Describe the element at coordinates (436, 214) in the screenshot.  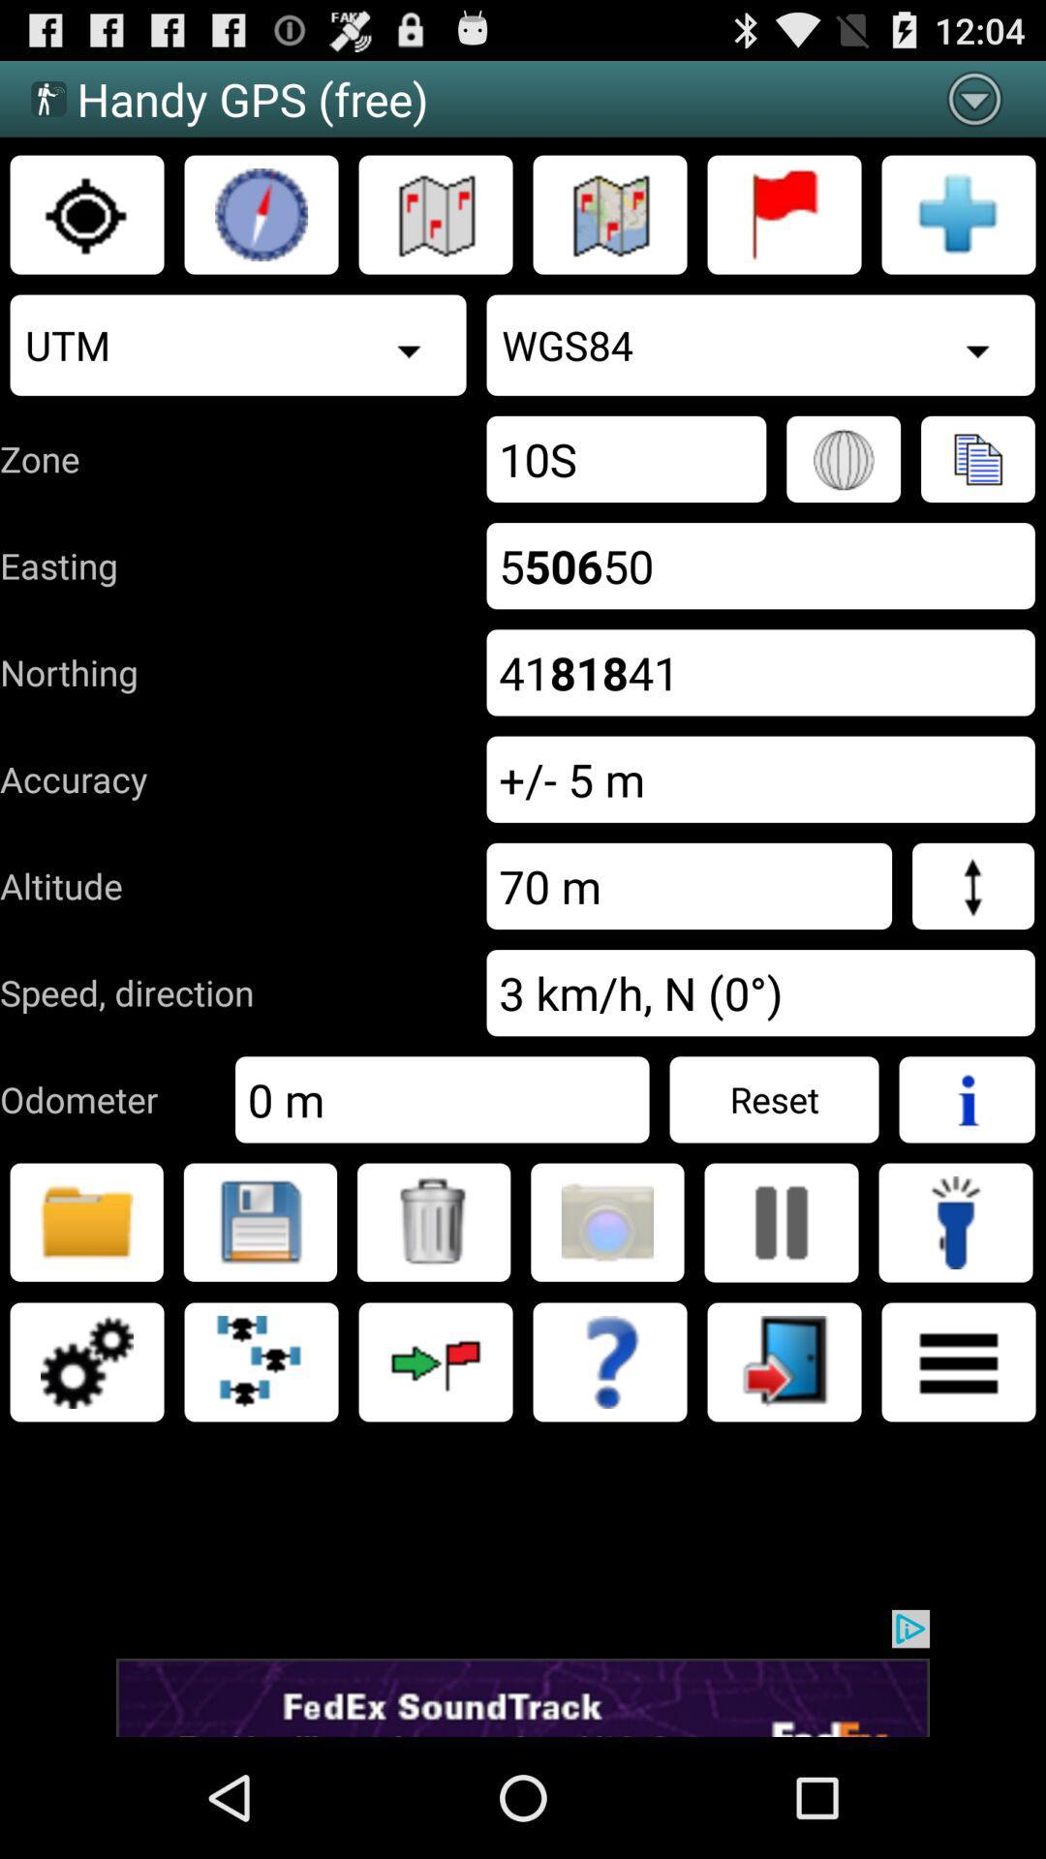
I see `go to map` at that location.